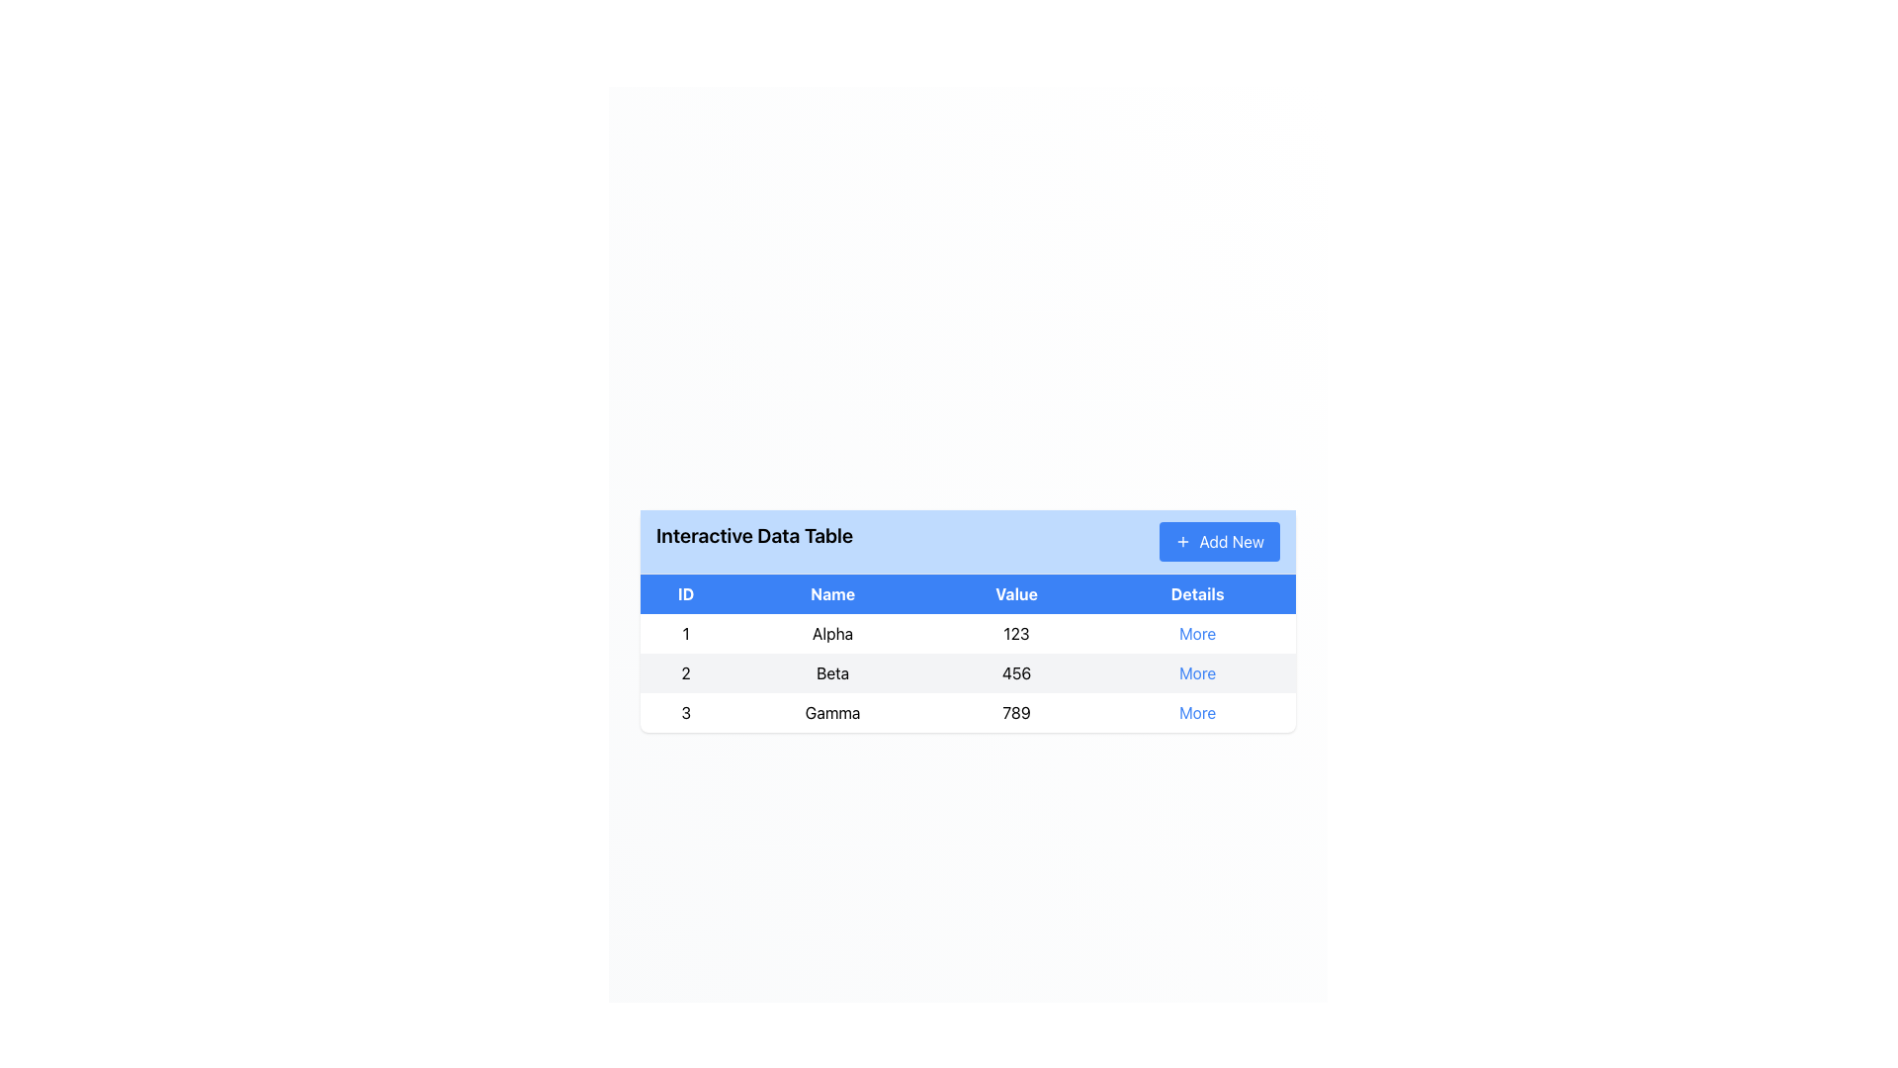 The image size is (1898, 1068). I want to click on the 'Details' header label in the data table layout, which is the rightmost element in a row of four labels: 'ID', 'Name', 'Value', and 'Details', so click(1196, 592).